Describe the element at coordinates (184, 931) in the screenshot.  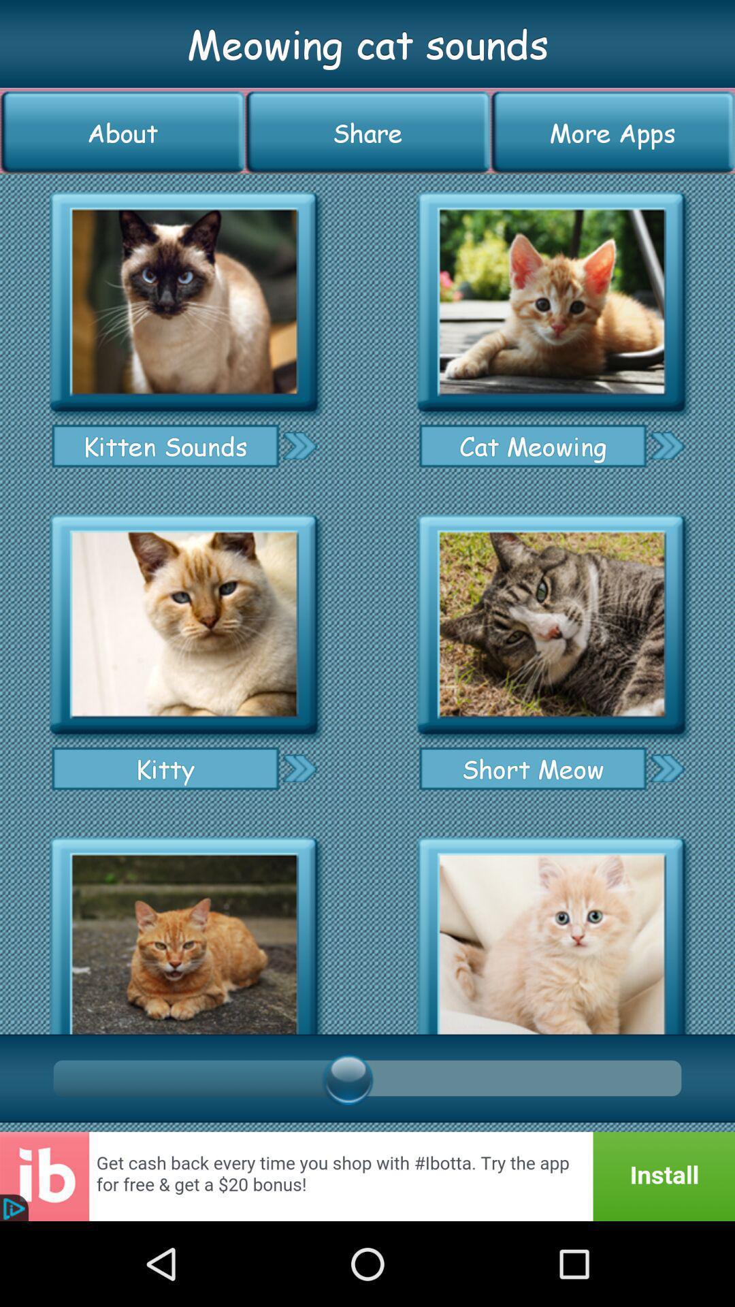
I see `cat sound play button option` at that location.